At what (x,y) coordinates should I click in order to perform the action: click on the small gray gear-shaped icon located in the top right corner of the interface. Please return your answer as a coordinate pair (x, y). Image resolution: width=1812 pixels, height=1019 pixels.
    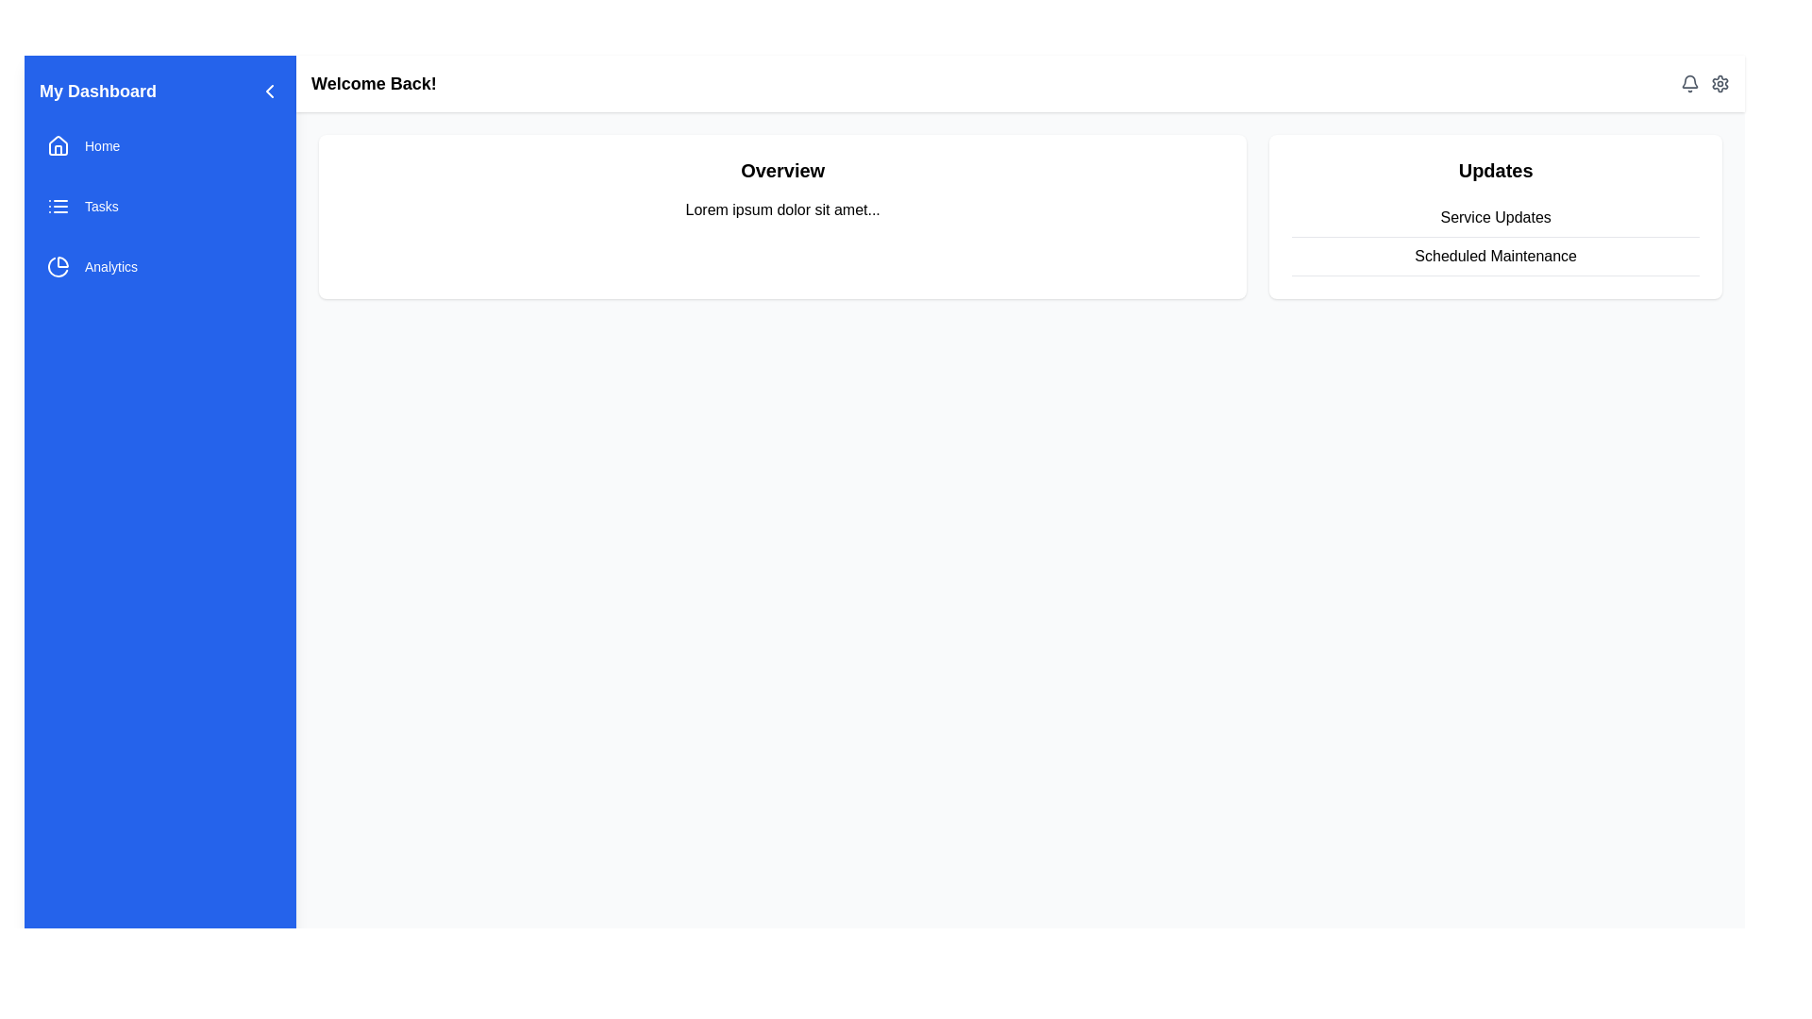
    Looking at the image, I should click on (1720, 82).